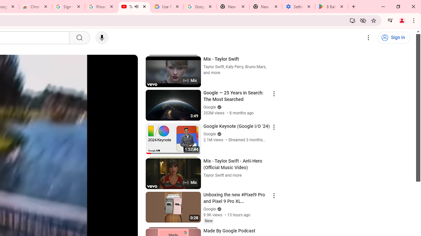  What do you see at coordinates (35, 7) in the screenshot?
I see `'Chrome Web Store - Color themes by Chrome'` at bounding box center [35, 7].